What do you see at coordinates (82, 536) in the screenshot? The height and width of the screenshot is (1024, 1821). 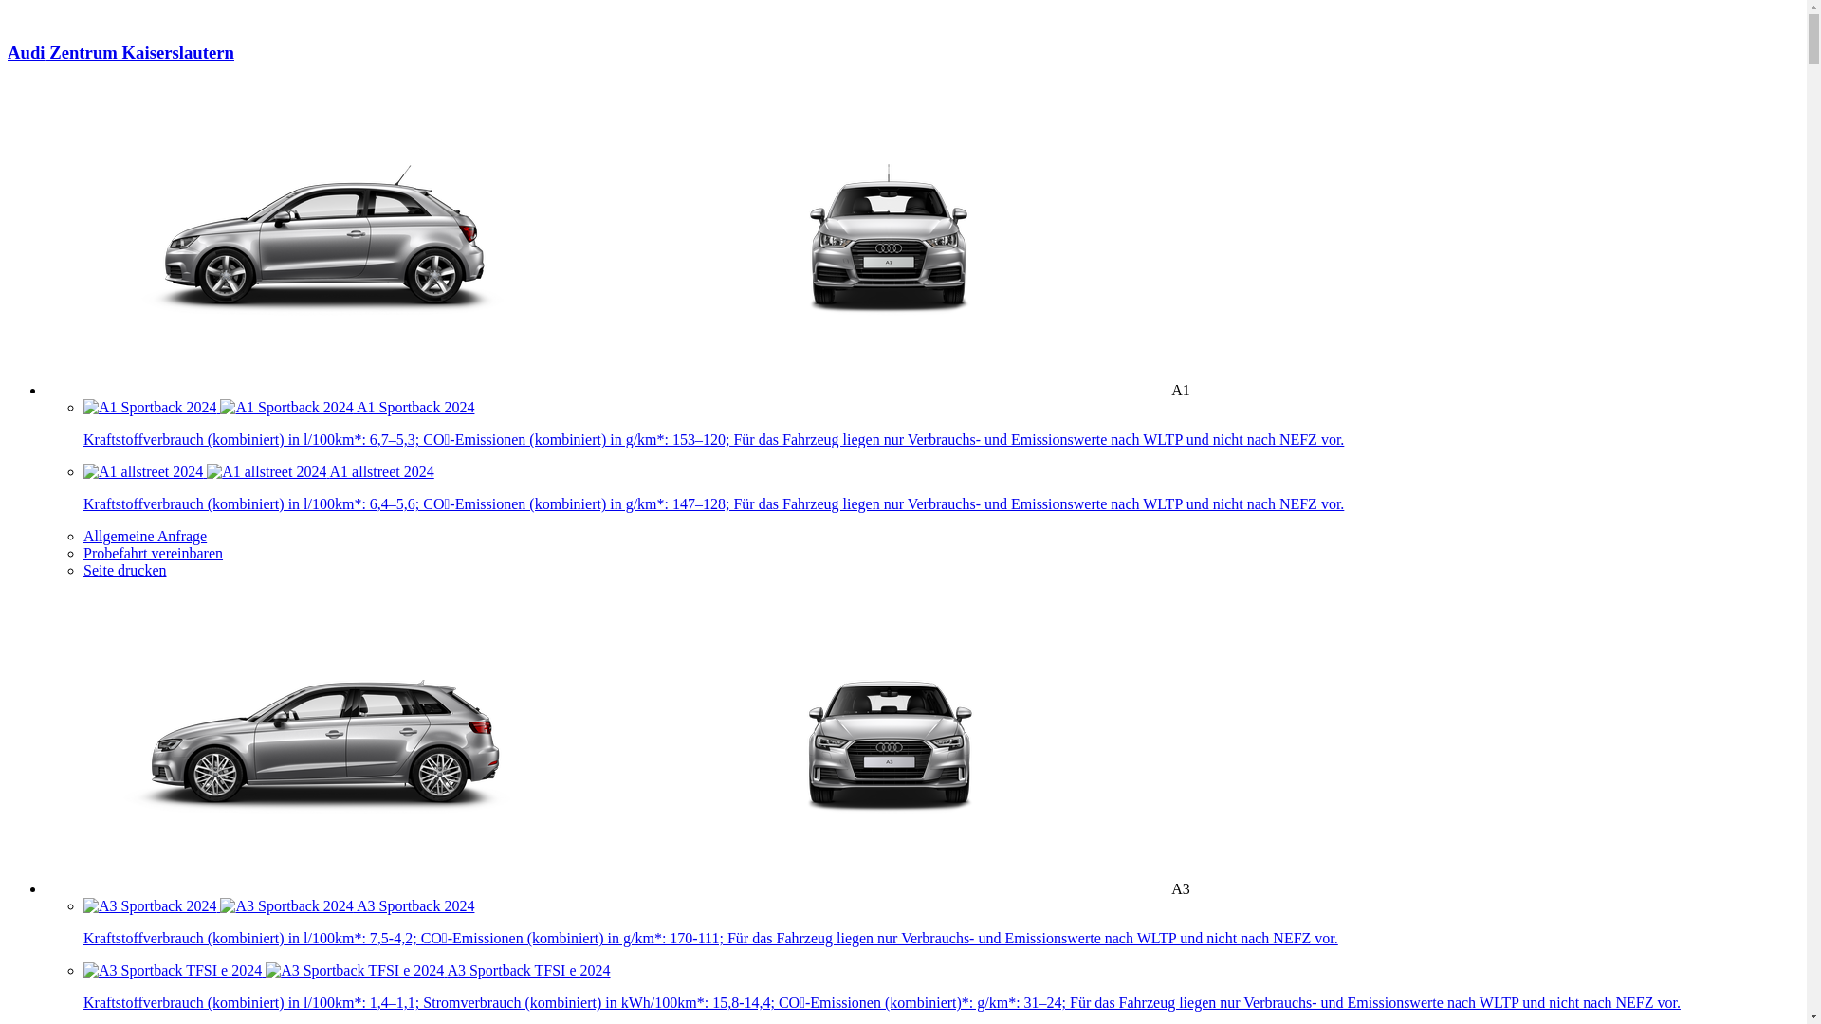 I see `'Allgemeine Anfrage'` at bounding box center [82, 536].